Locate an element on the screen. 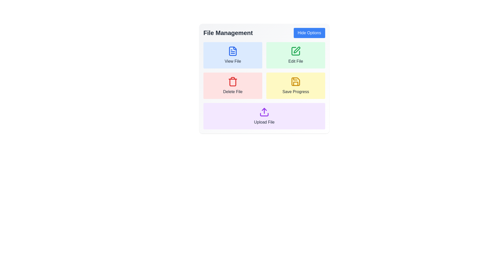  the 'Save Progress' text label element, which is styled with gray font on a yellow background, located in the 'File Management' section below the save icon is located at coordinates (296, 92).